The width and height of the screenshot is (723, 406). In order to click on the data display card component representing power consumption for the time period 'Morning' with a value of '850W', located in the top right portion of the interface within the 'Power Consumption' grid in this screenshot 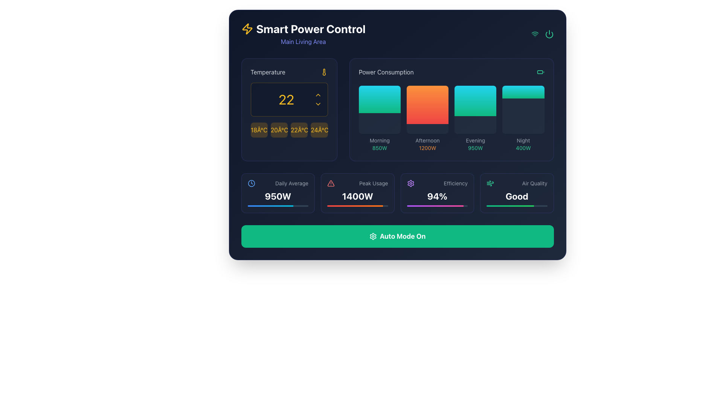, I will do `click(380, 118)`.